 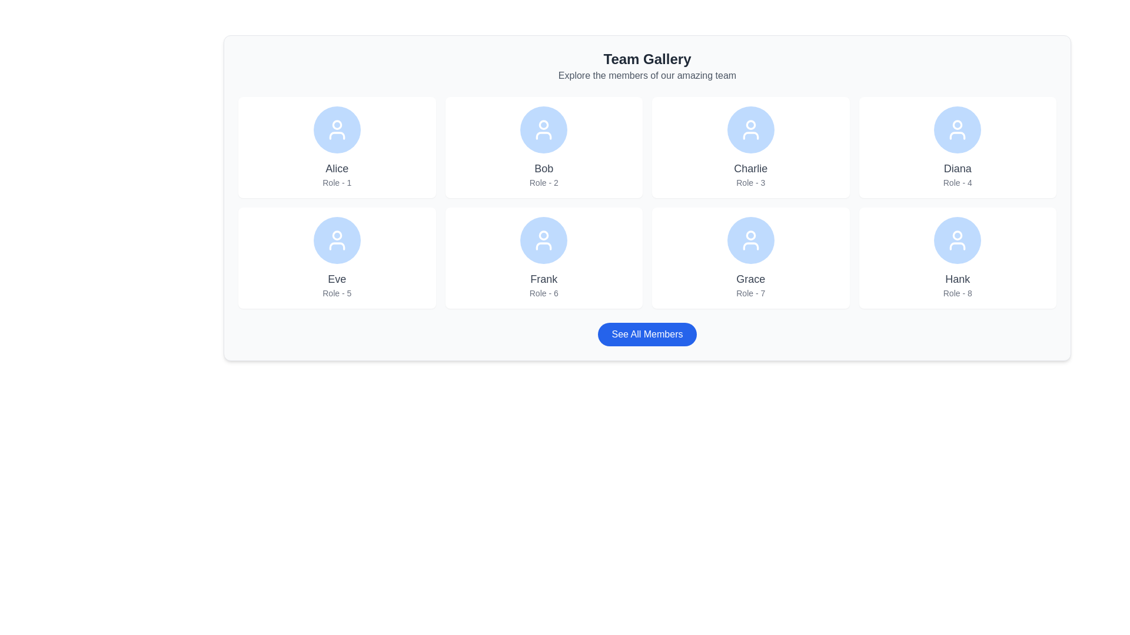 I want to click on the text label displaying the name 'Hank', which serves as the title of a specific team member card located in the second row and fourth column of a grid layout, so click(x=958, y=279).